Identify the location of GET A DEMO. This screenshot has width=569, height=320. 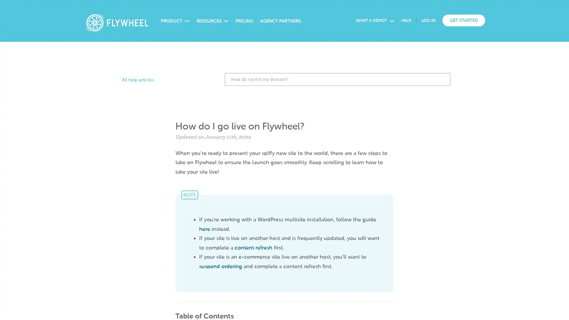
(103, 306).